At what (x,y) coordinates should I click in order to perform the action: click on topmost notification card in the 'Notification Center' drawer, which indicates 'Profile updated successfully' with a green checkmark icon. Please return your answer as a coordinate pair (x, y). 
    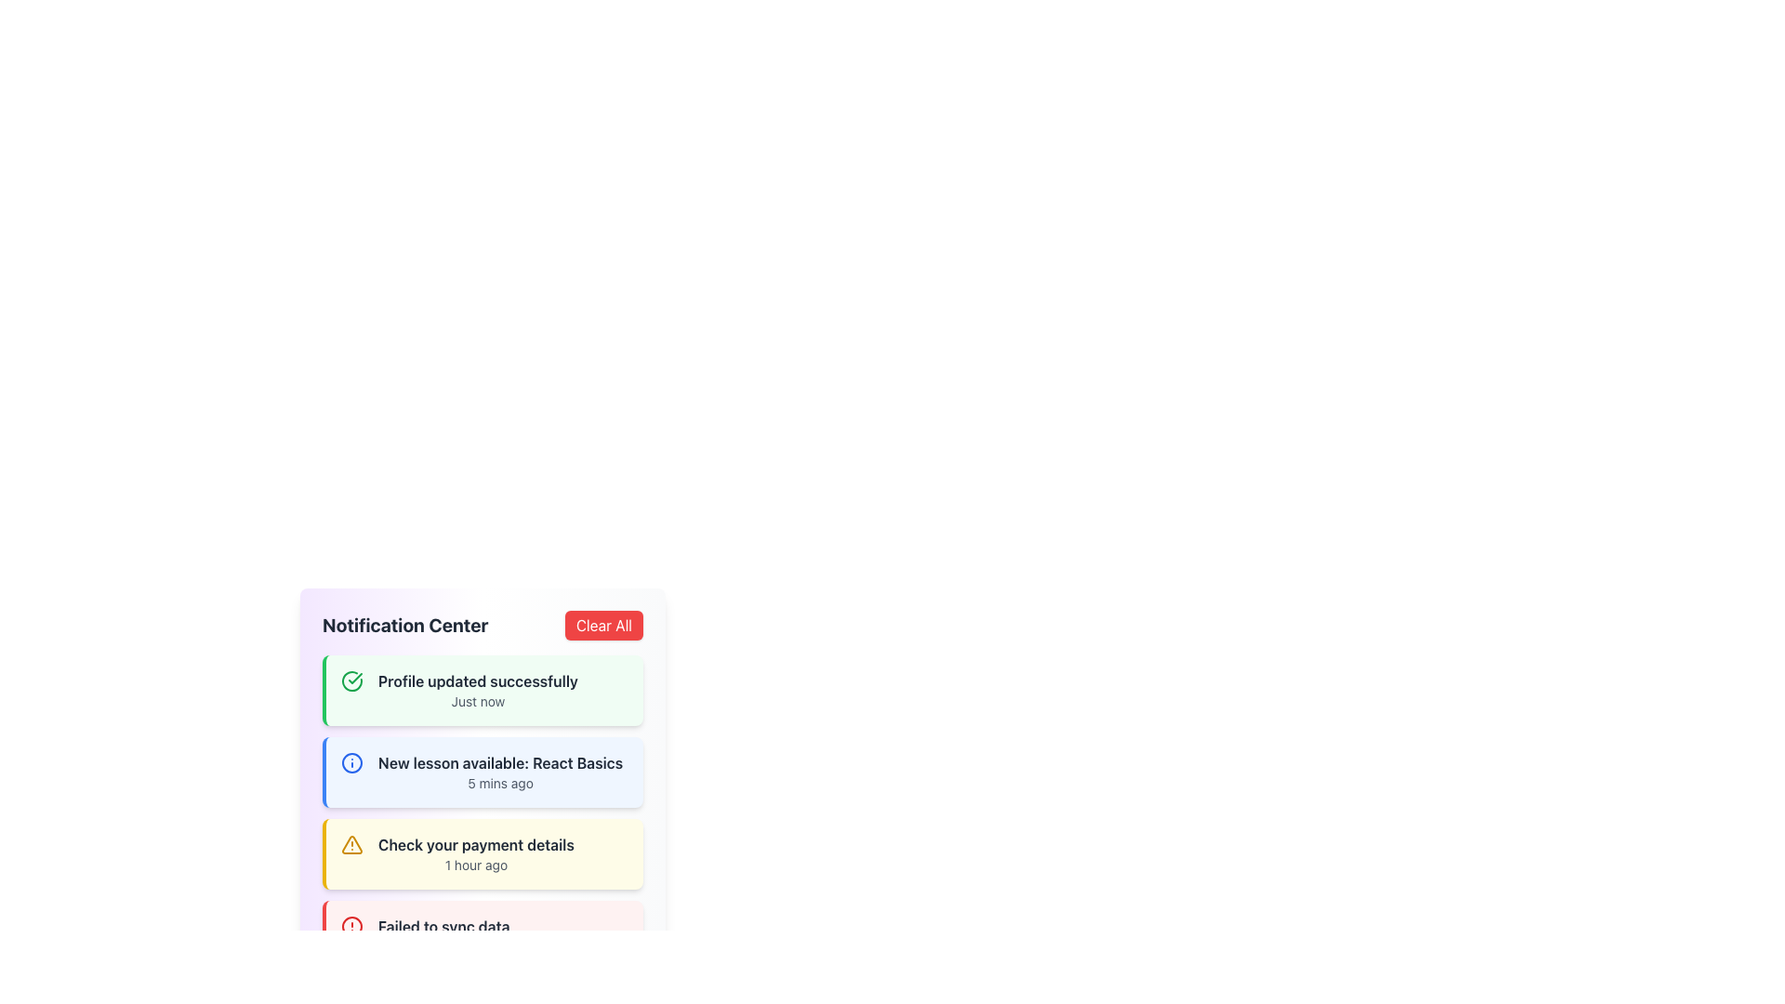
    Looking at the image, I should click on (483, 691).